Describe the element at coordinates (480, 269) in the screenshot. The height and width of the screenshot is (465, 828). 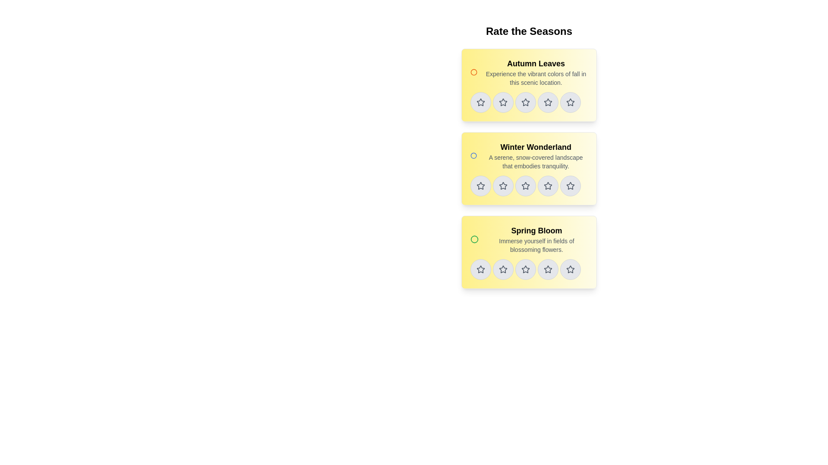
I see `the first star icon in the 'Spring Bloom' section to rate at level one` at that location.